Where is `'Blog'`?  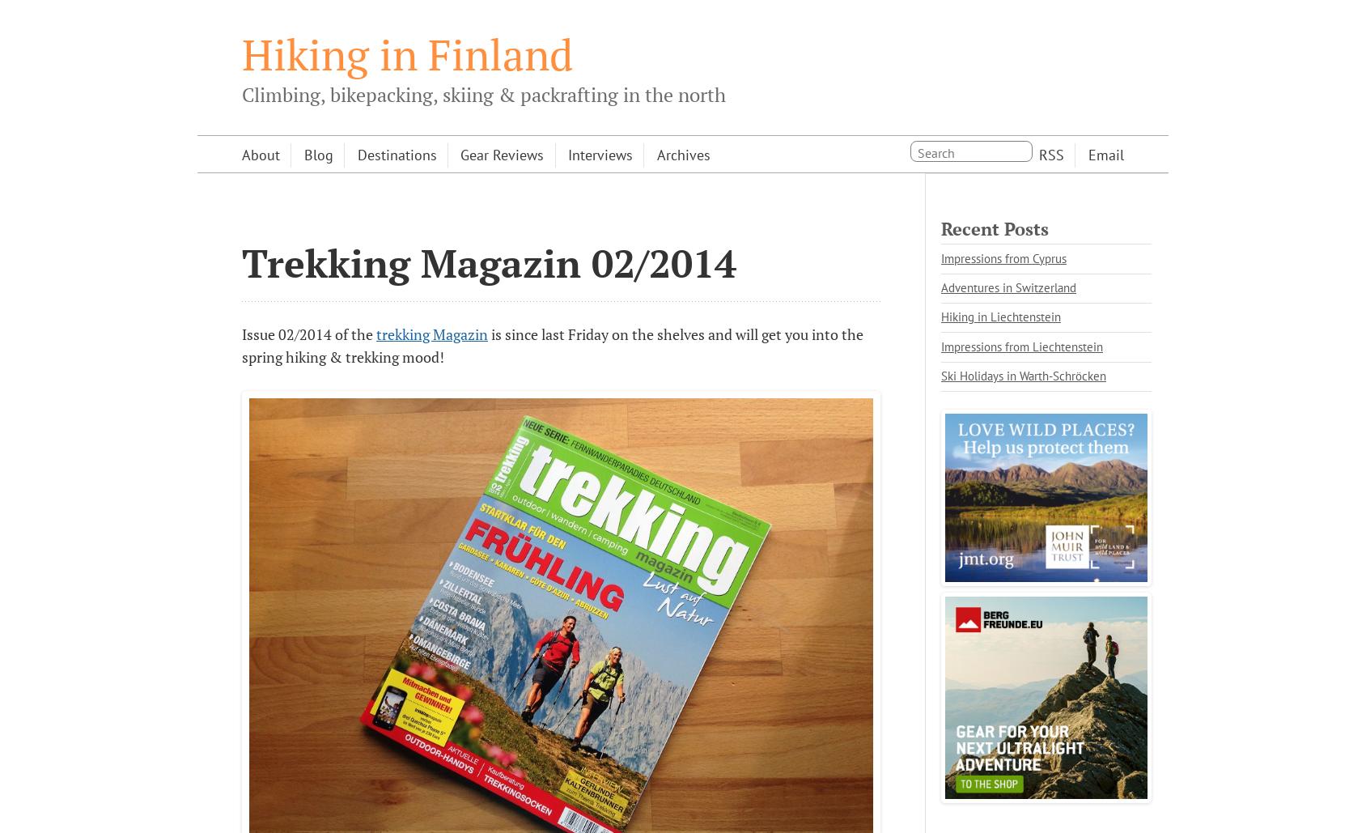
'Blog' is located at coordinates (317, 154).